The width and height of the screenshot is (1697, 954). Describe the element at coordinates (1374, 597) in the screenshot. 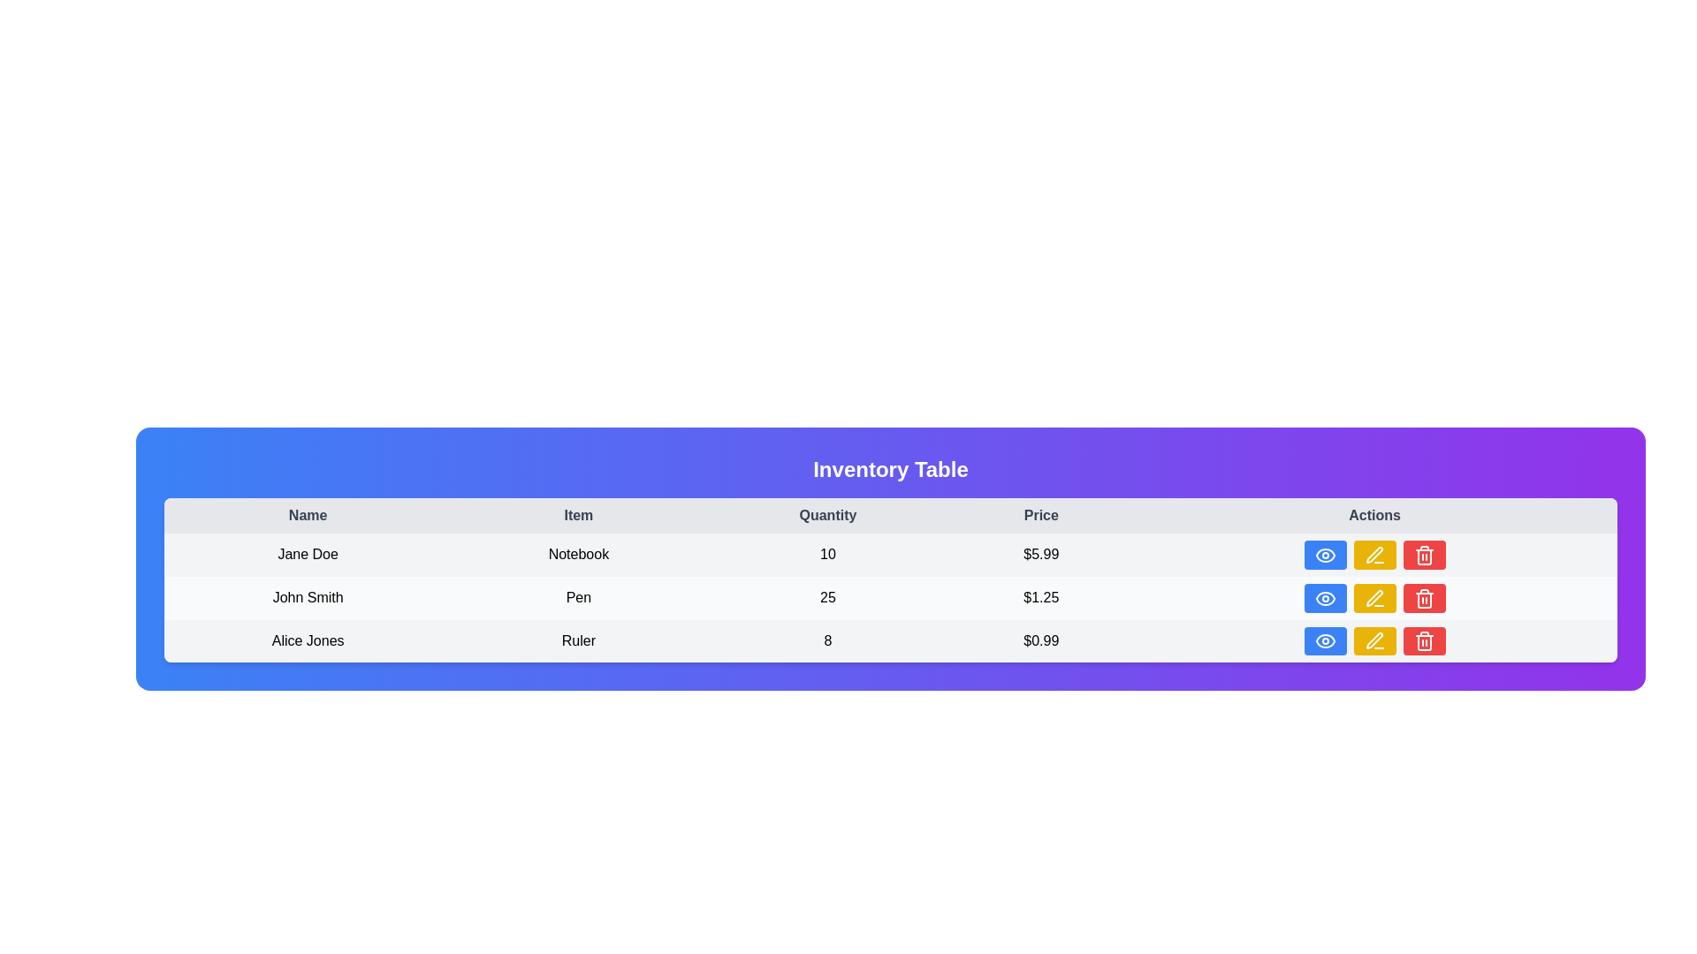

I see `the Edit icon button resembling a pen, located on the yellow button in the Actions column of the second row corresponding to 'John Smith' and 'Pen'` at that location.